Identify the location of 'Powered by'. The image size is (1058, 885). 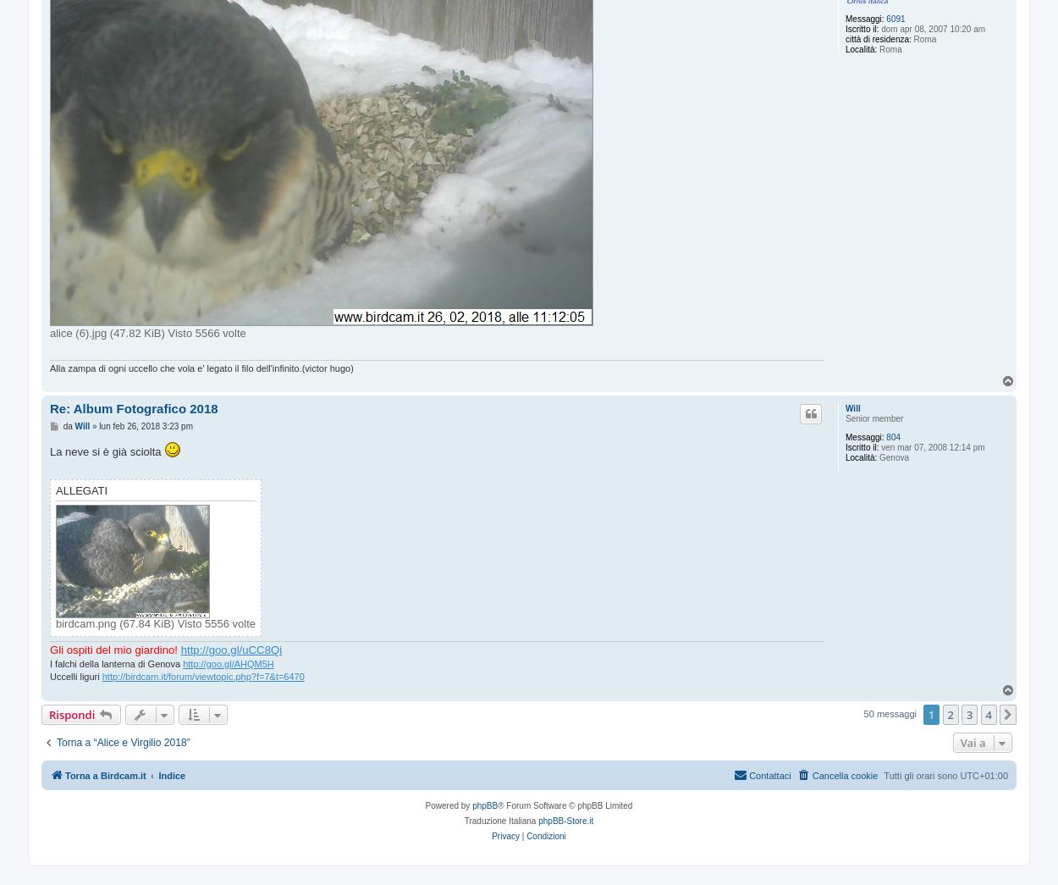
(449, 805).